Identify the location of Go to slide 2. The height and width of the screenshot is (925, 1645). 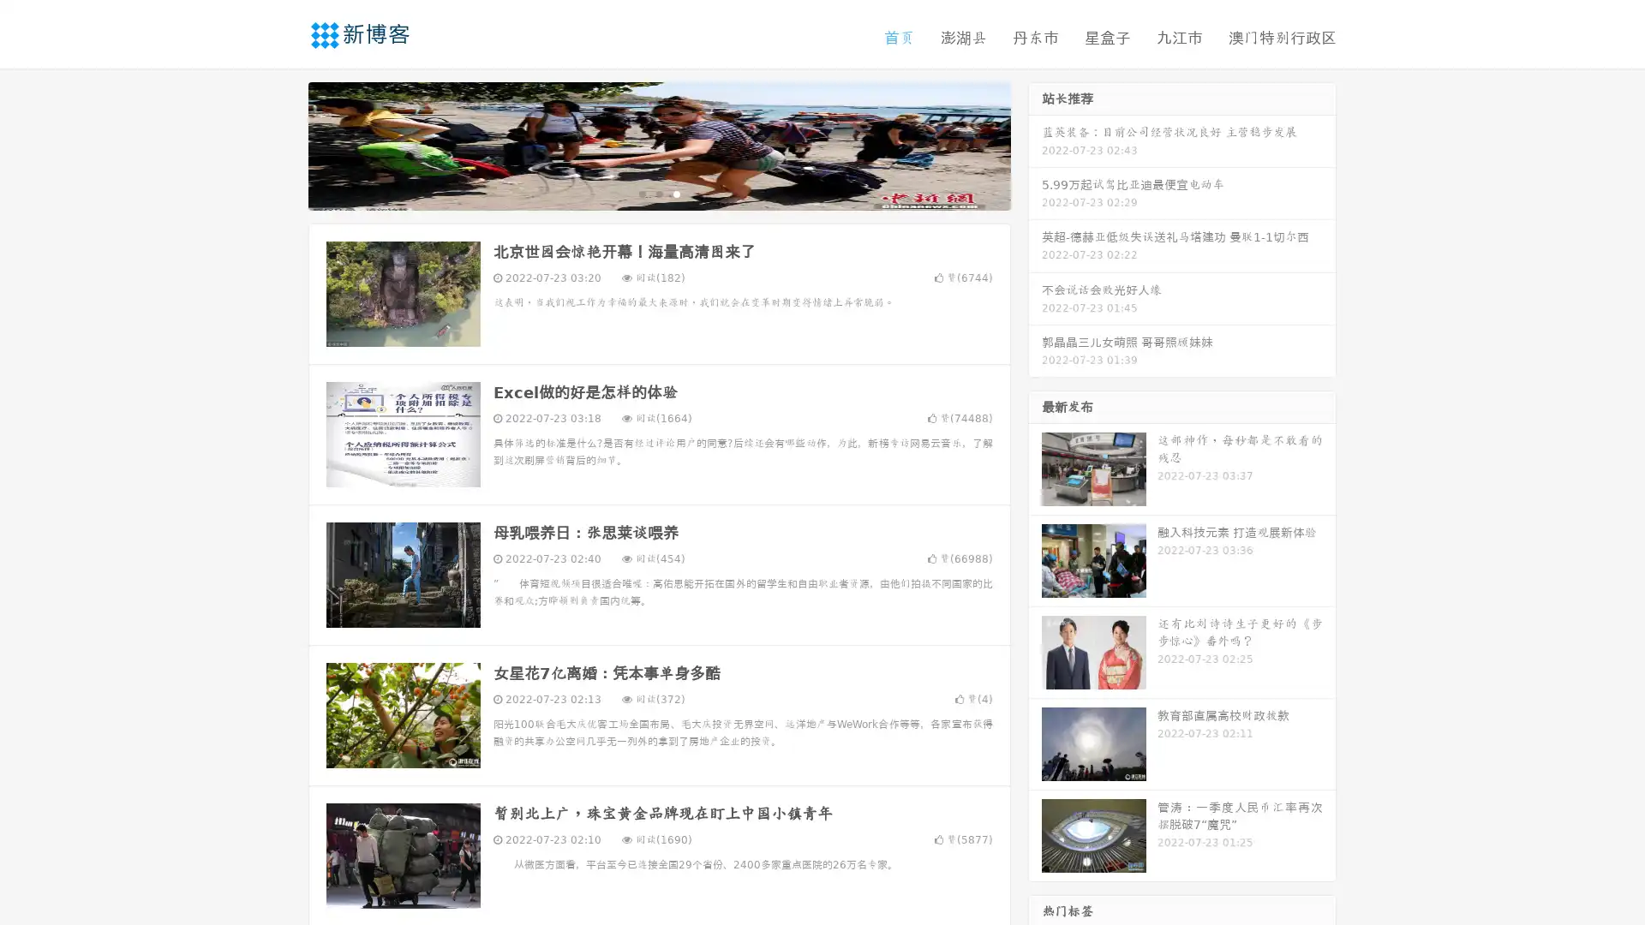
(658, 193).